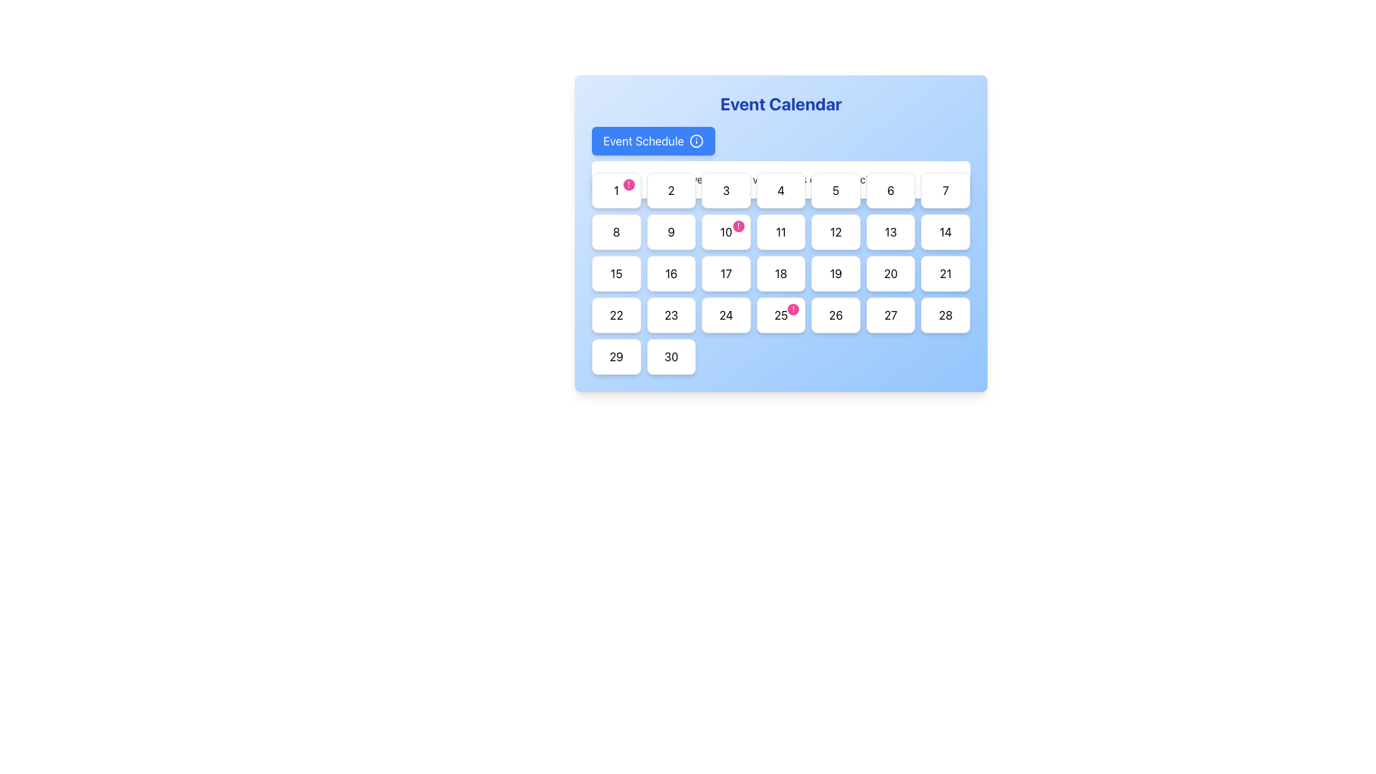 The width and height of the screenshot is (1376, 774). I want to click on the Calendar day tile located at row 3, column 3 of the calendar view, so click(780, 273).